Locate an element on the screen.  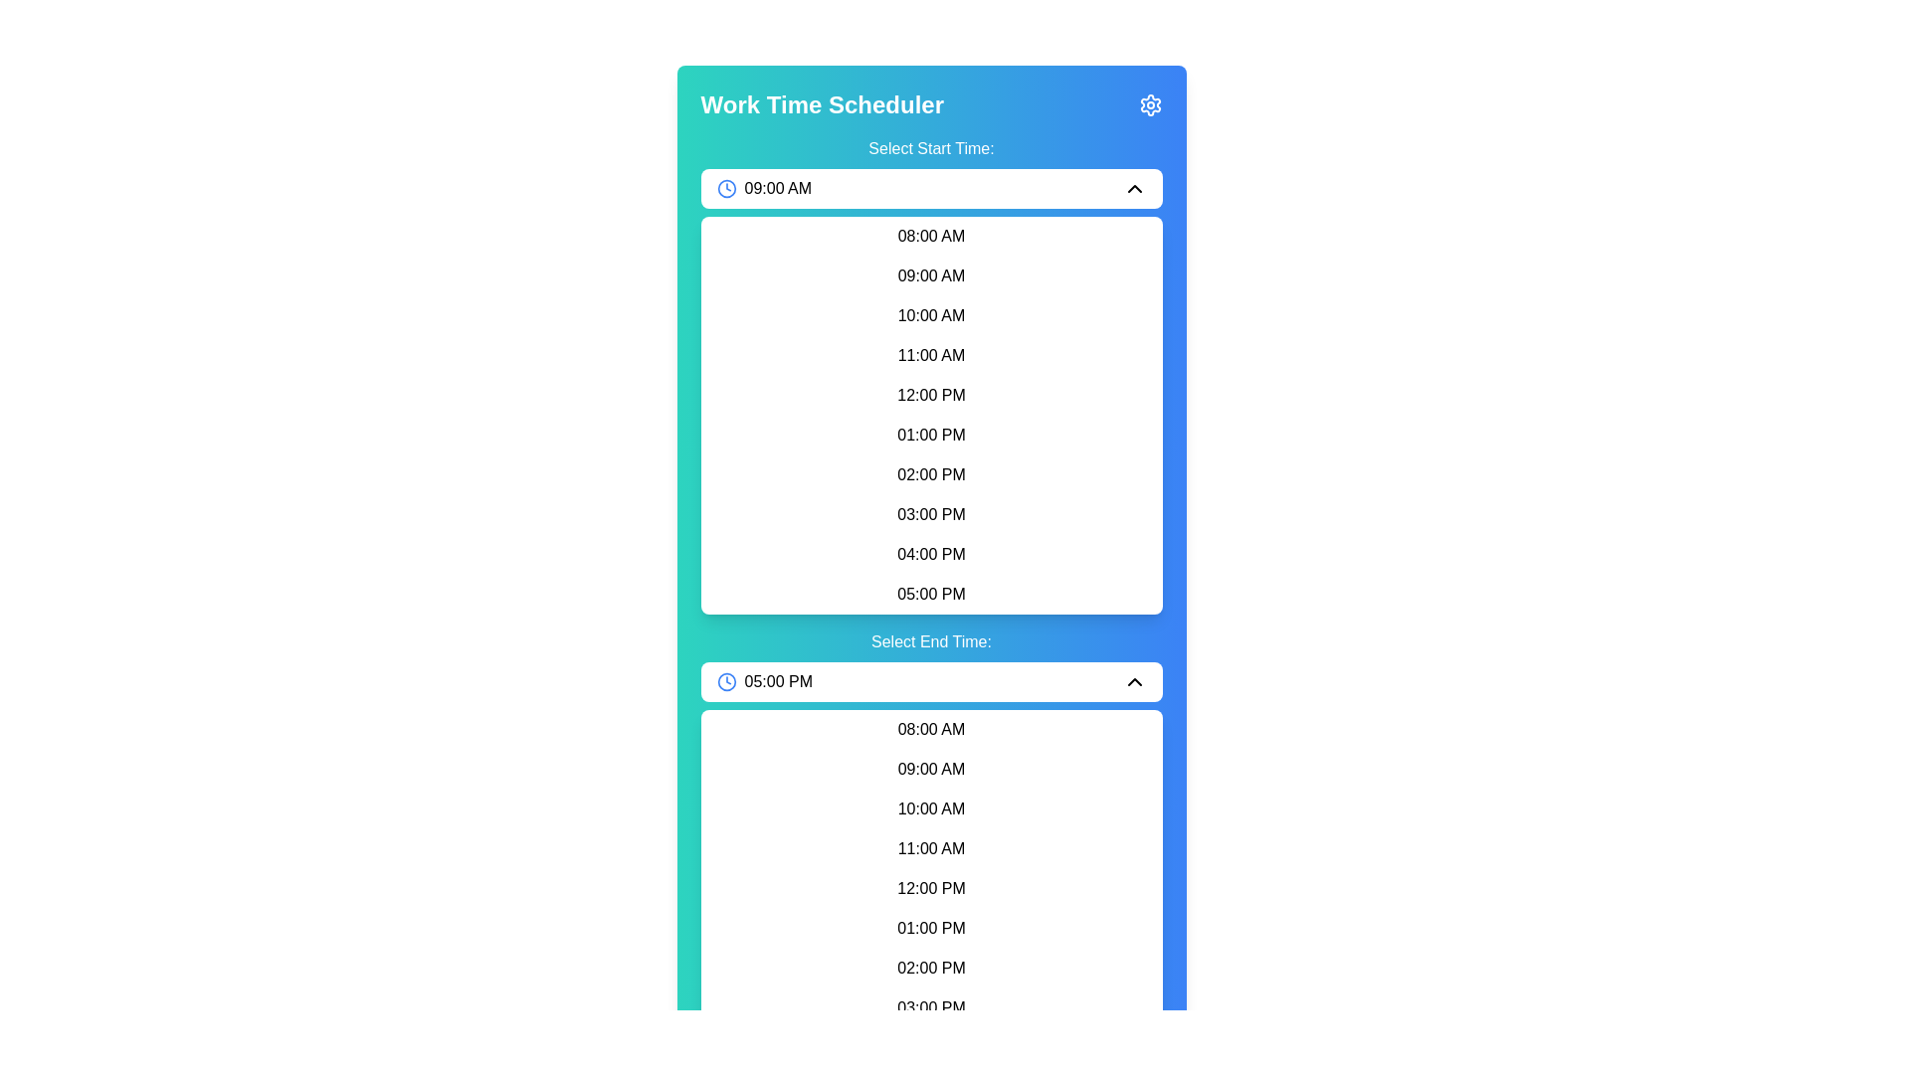
the first dropdown option for selecting the start time, which displays '09:00 AM' is located at coordinates (930, 188).